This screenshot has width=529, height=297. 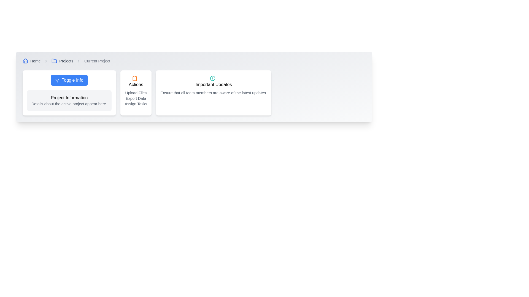 What do you see at coordinates (54, 61) in the screenshot?
I see `the folder icon located in the breadcrumb navigation bar, positioned between the 'Home' icon and the 'Projects' text, to interact with the associated folder` at bounding box center [54, 61].